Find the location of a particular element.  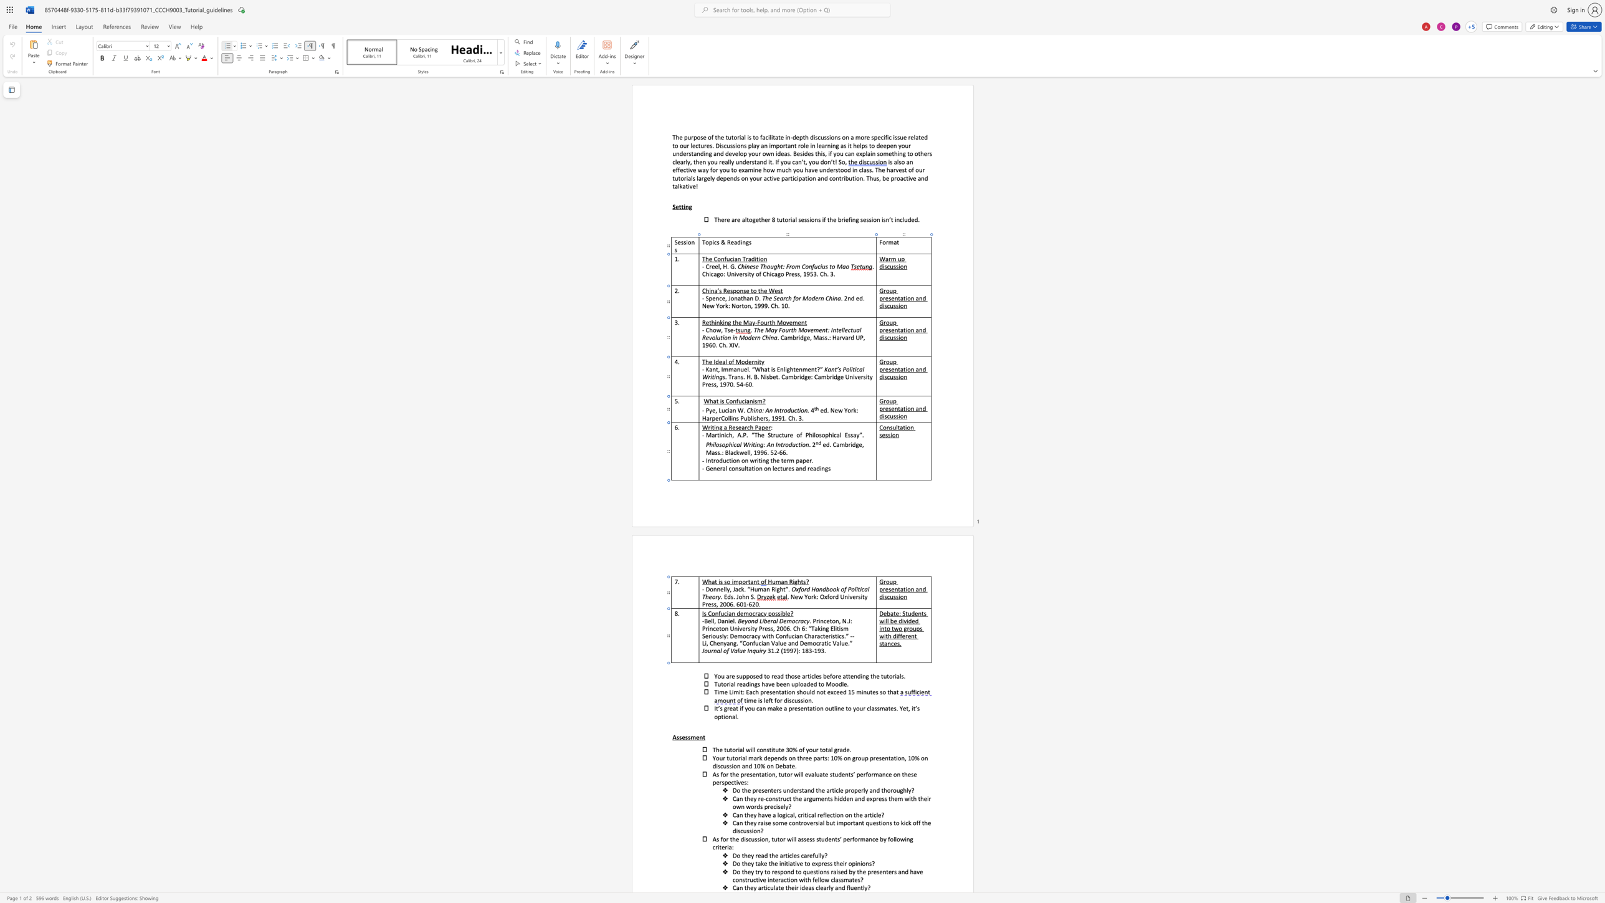

the space between the continuous character "r" and "i" in the text is located at coordinates (738, 750).